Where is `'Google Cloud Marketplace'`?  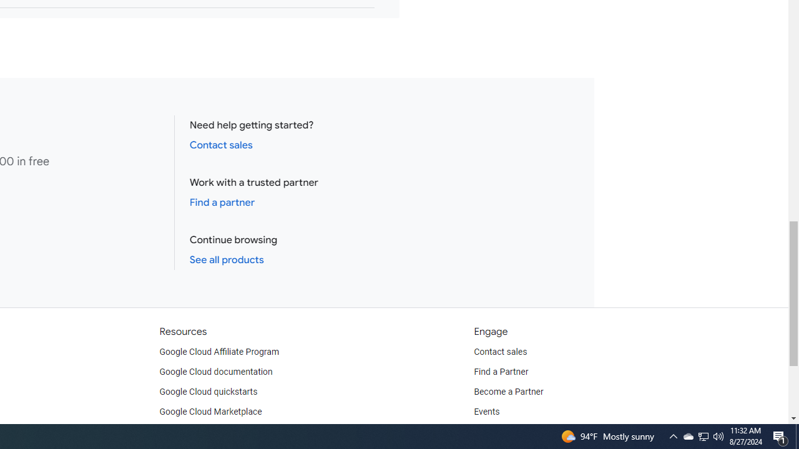 'Google Cloud Marketplace' is located at coordinates (210, 412).